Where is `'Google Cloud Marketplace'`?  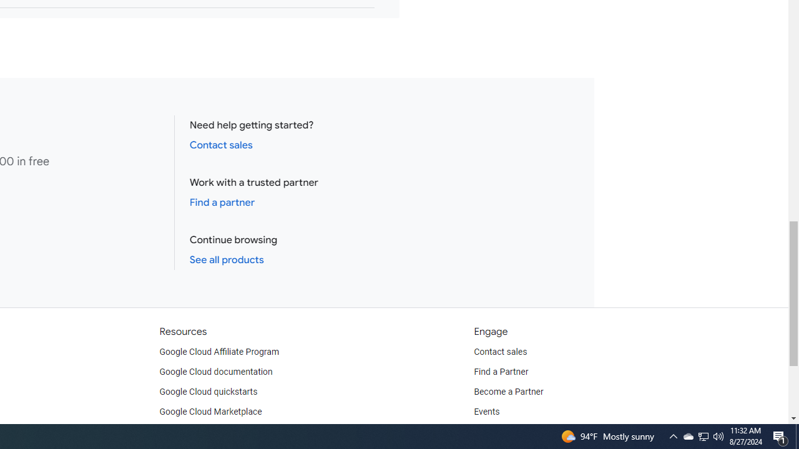 'Google Cloud Marketplace' is located at coordinates (210, 412).